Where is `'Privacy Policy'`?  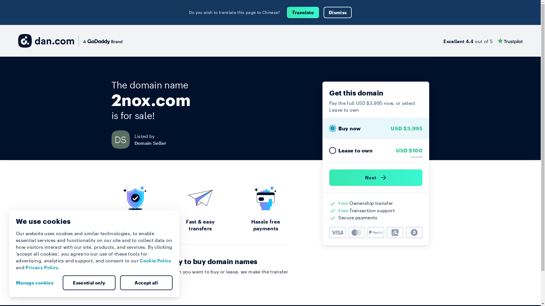
'Privacy Policy' is located at coordinates (41, 267).